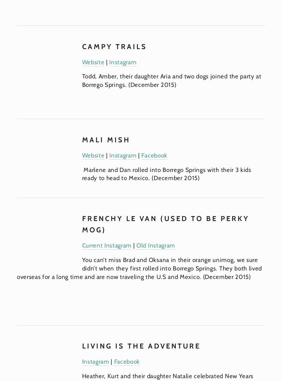 This screenshot has height=381, width=282. What do you see at coordinates (81, 139) in the screenshot?
I see `'Mali Mish'` at bounding box center [81, 139].